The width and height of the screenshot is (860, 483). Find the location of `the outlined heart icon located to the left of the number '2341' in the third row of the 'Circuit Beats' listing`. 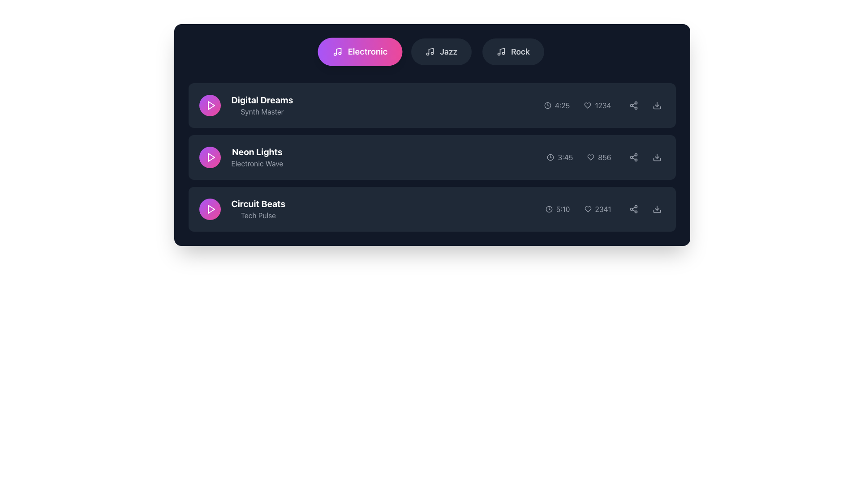

the outlined heart icon located to the left of the number '2341' in the third row of the 'Circuit Beats' listing is located at coordinates (588, 209).